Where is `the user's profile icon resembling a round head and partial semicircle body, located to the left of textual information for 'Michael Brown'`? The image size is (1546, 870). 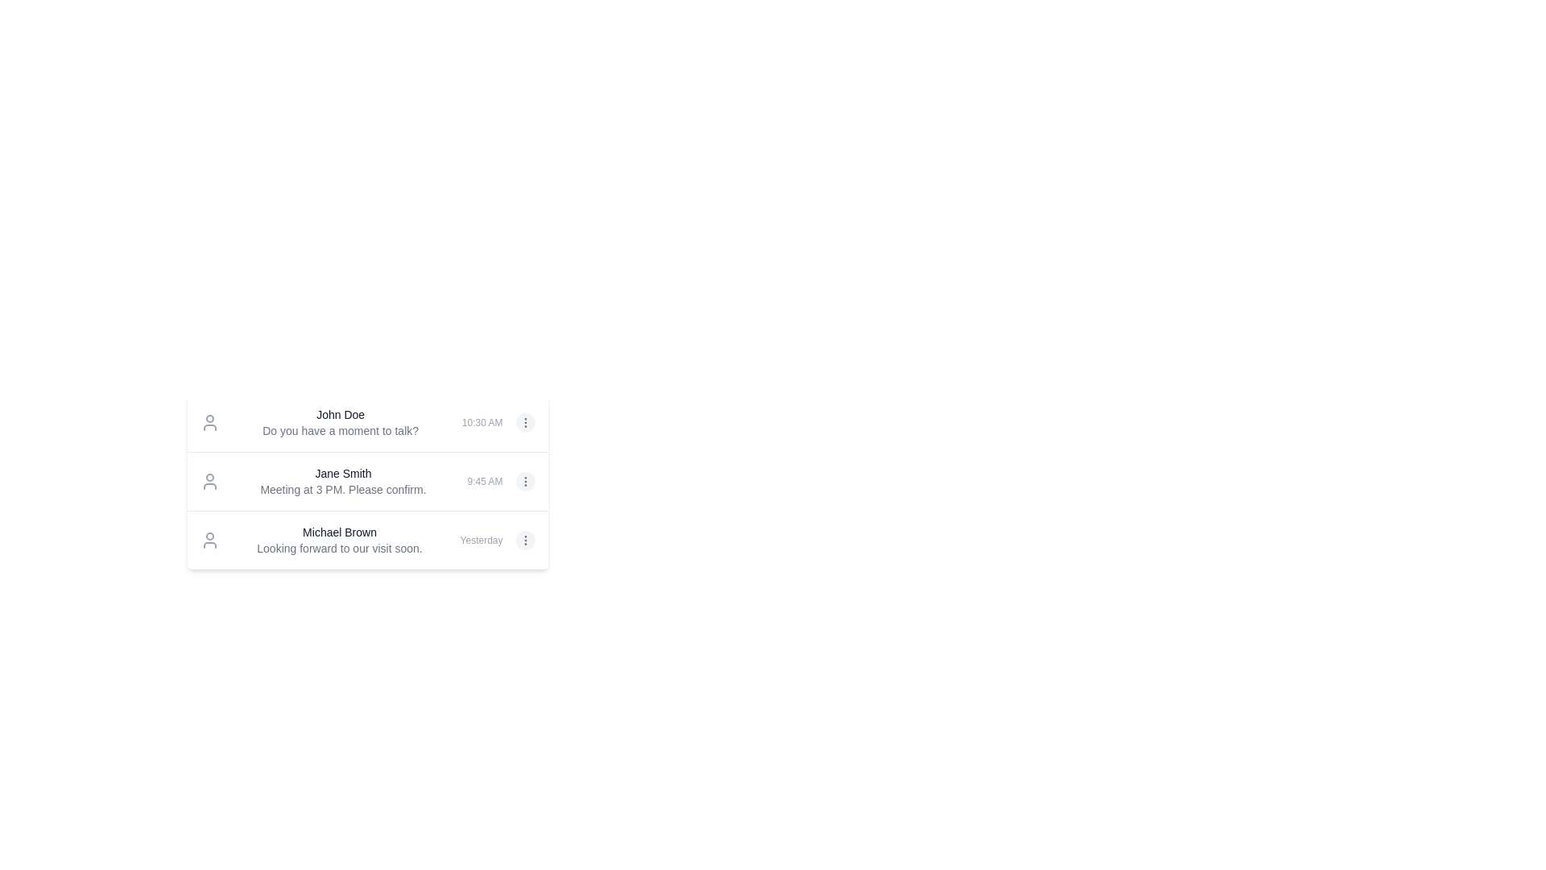 the user's profile icon resembling a round head and partial semicircle body, located to the left of textual information for 'Michael Brown' is located at coordinates (209, 541).